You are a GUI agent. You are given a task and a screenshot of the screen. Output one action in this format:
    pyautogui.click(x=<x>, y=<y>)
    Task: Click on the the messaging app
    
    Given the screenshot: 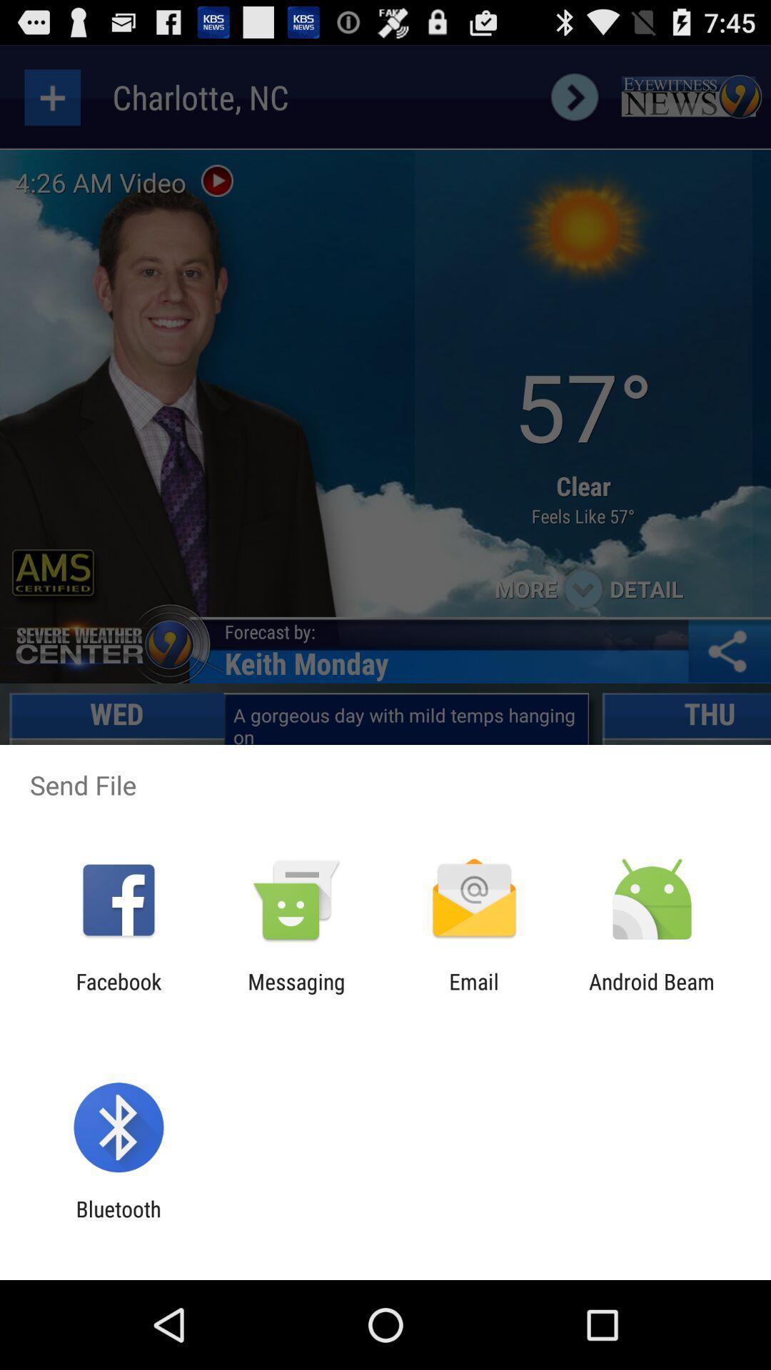 What is the action you would take?
    pyautogui.click(x=296, y=993)
    